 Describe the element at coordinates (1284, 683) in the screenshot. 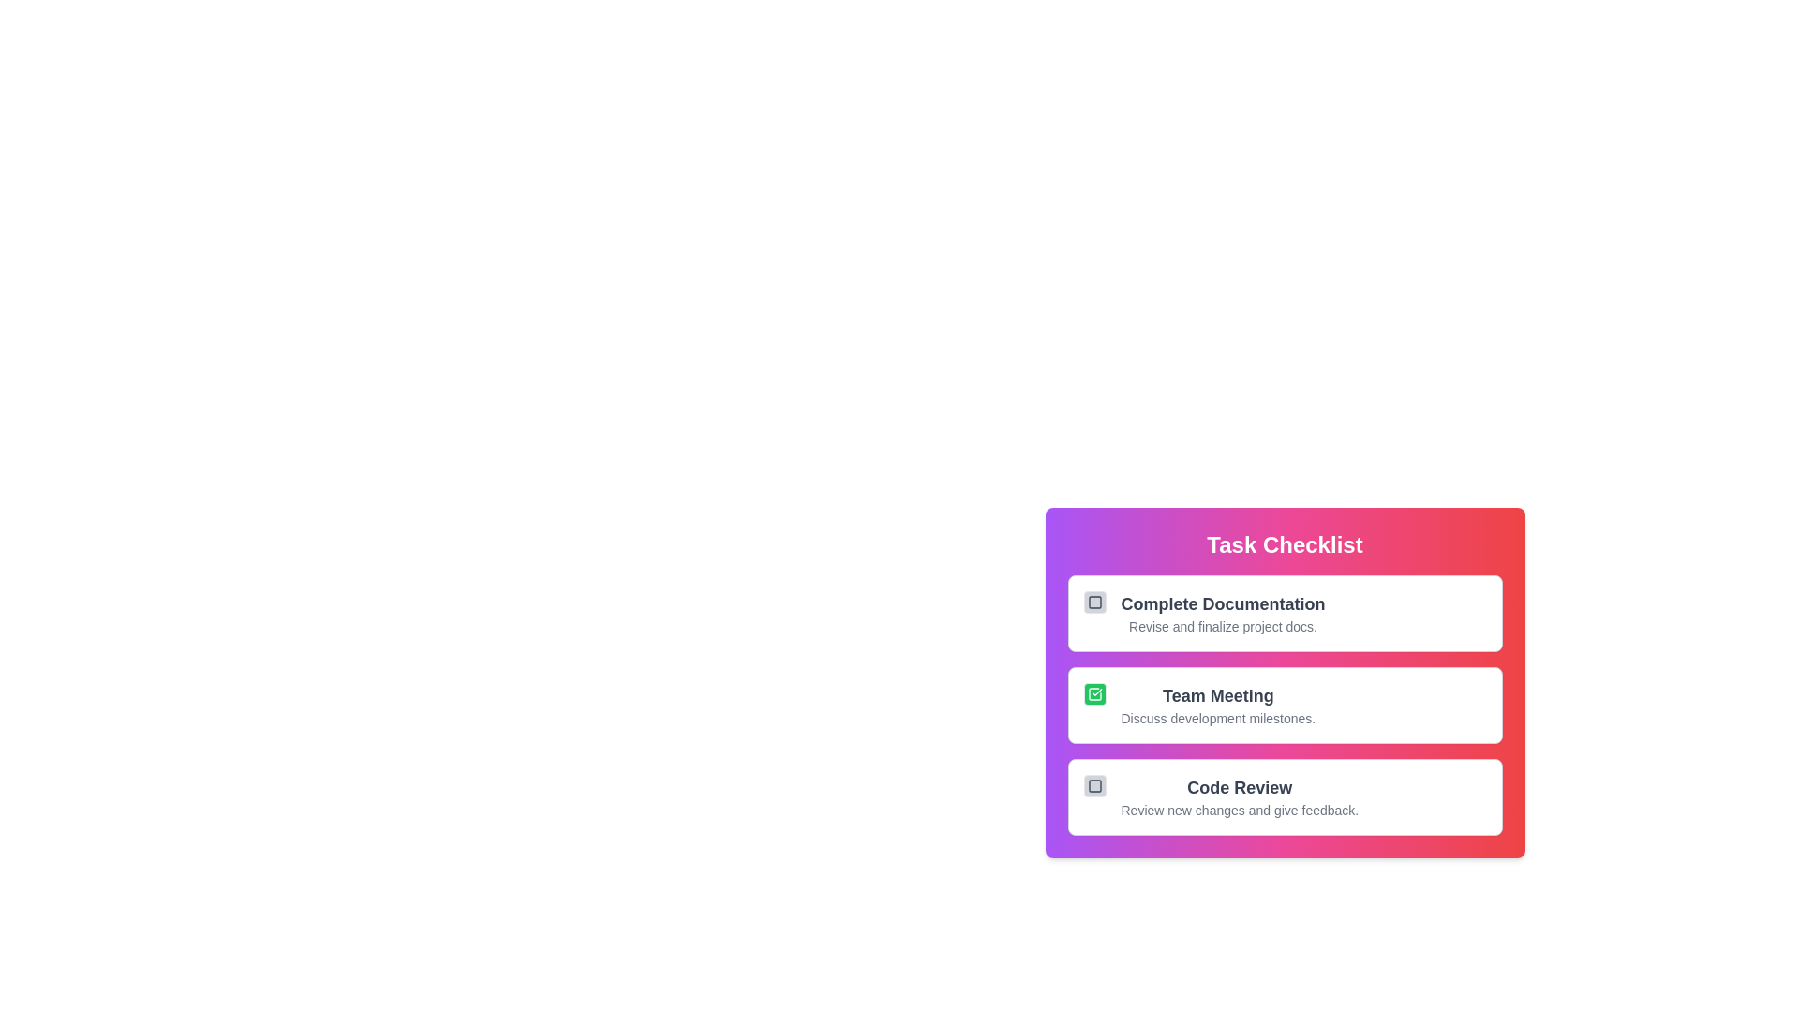

I see `the task container to analyze its layout and design` at that location.